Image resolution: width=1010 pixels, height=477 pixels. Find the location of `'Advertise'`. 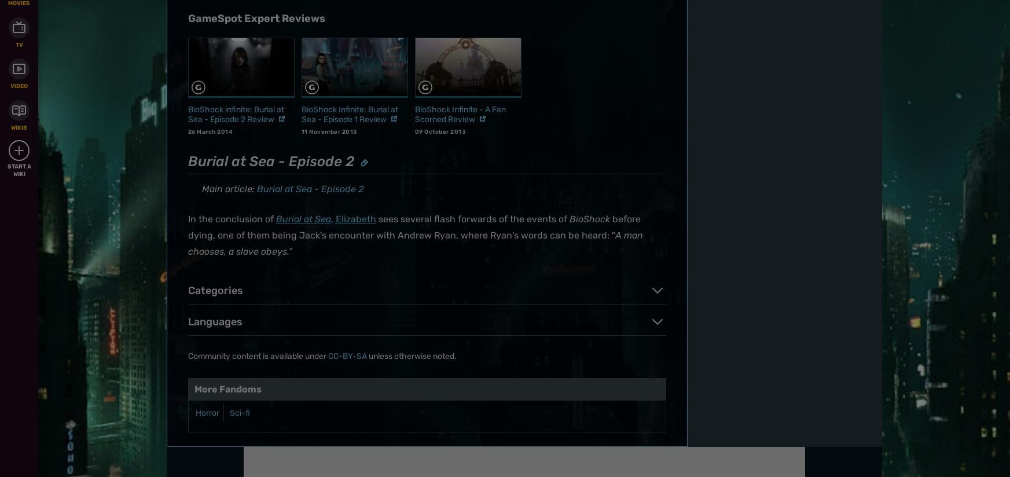

'Advertise' is located at coordinates (549, 116).